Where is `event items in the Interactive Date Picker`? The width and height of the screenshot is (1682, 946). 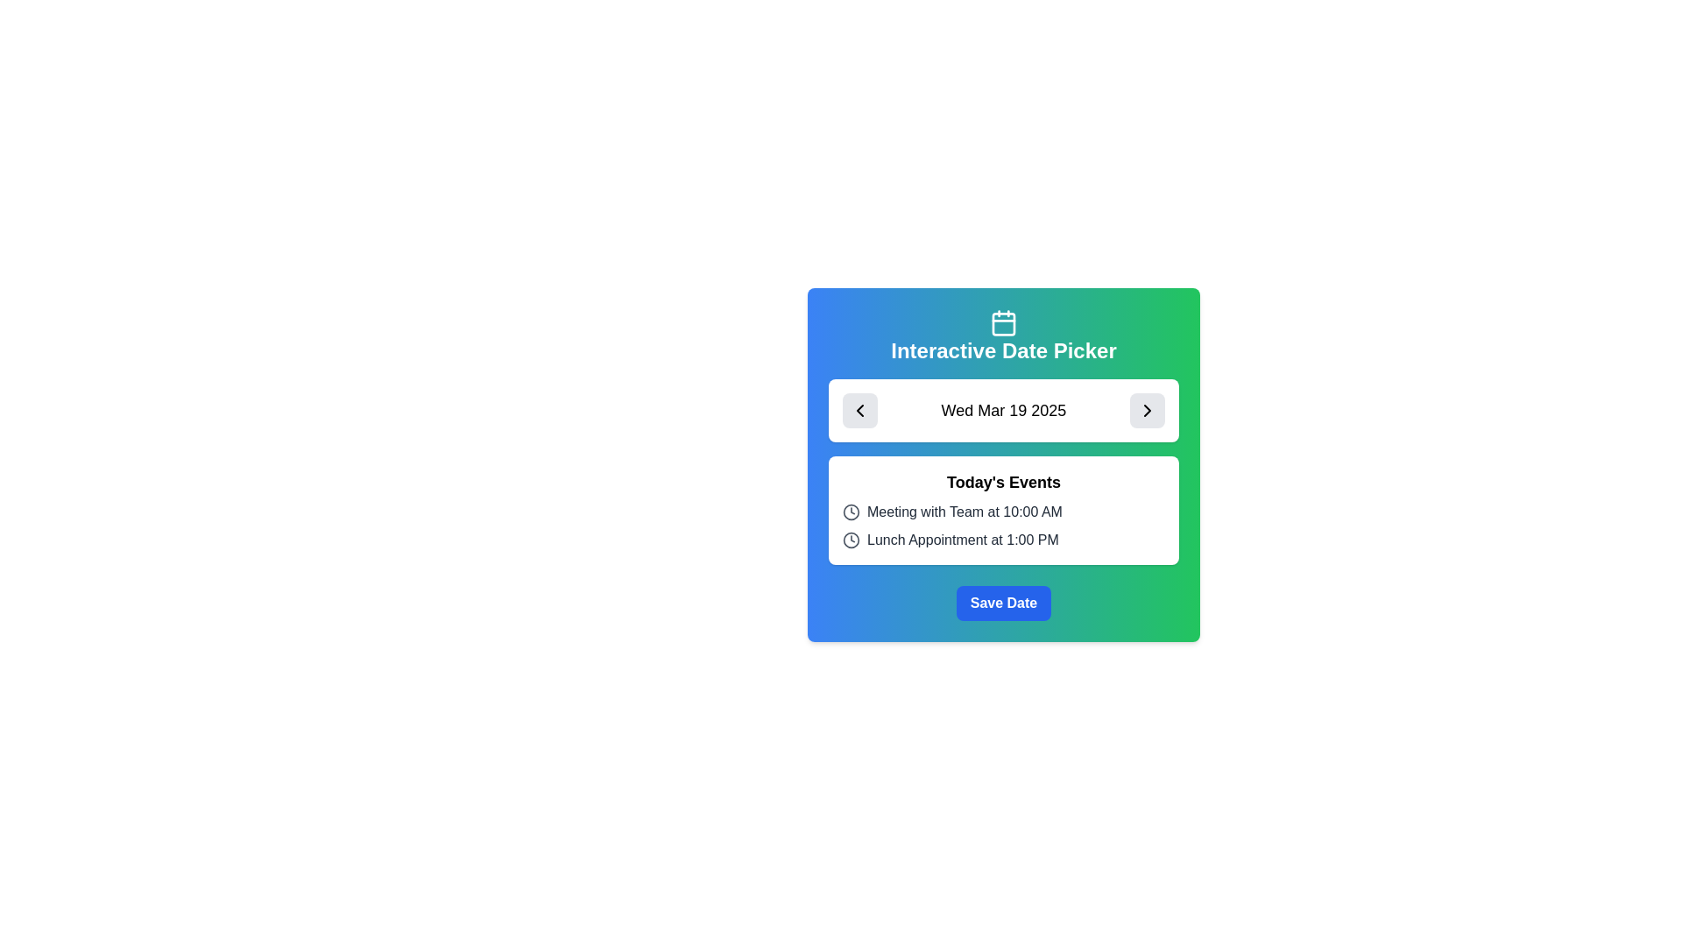
event items in the Interactive Date Picker is located at coordinates (1004, 464).